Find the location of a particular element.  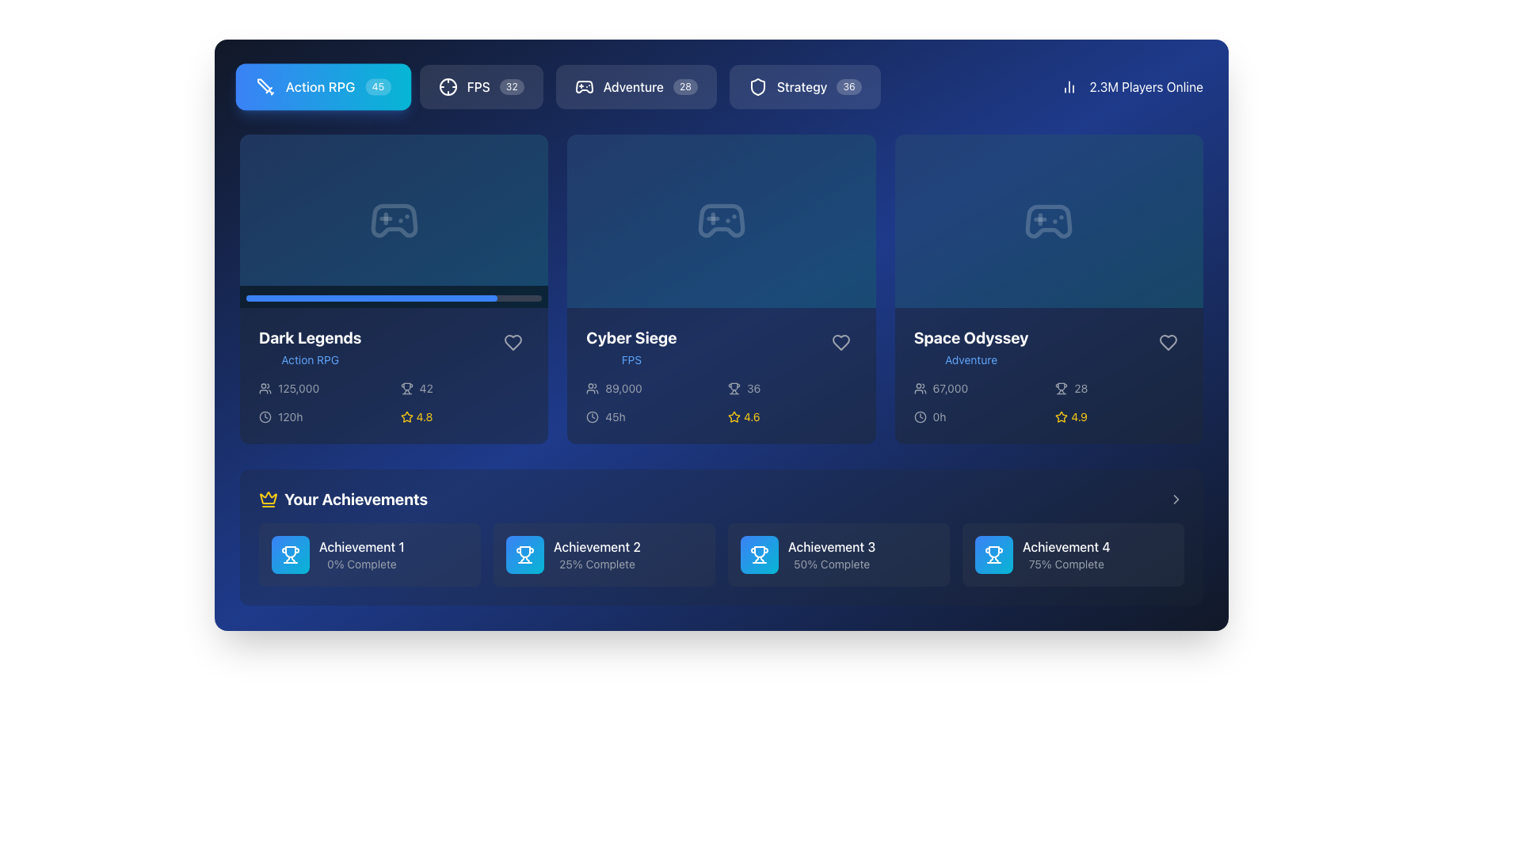

the heart-shaped icon button with a transparent center and thin white outline, located in the upper-right corner of the 'Space Odyssey' card is located at coordinates (1168, 341).